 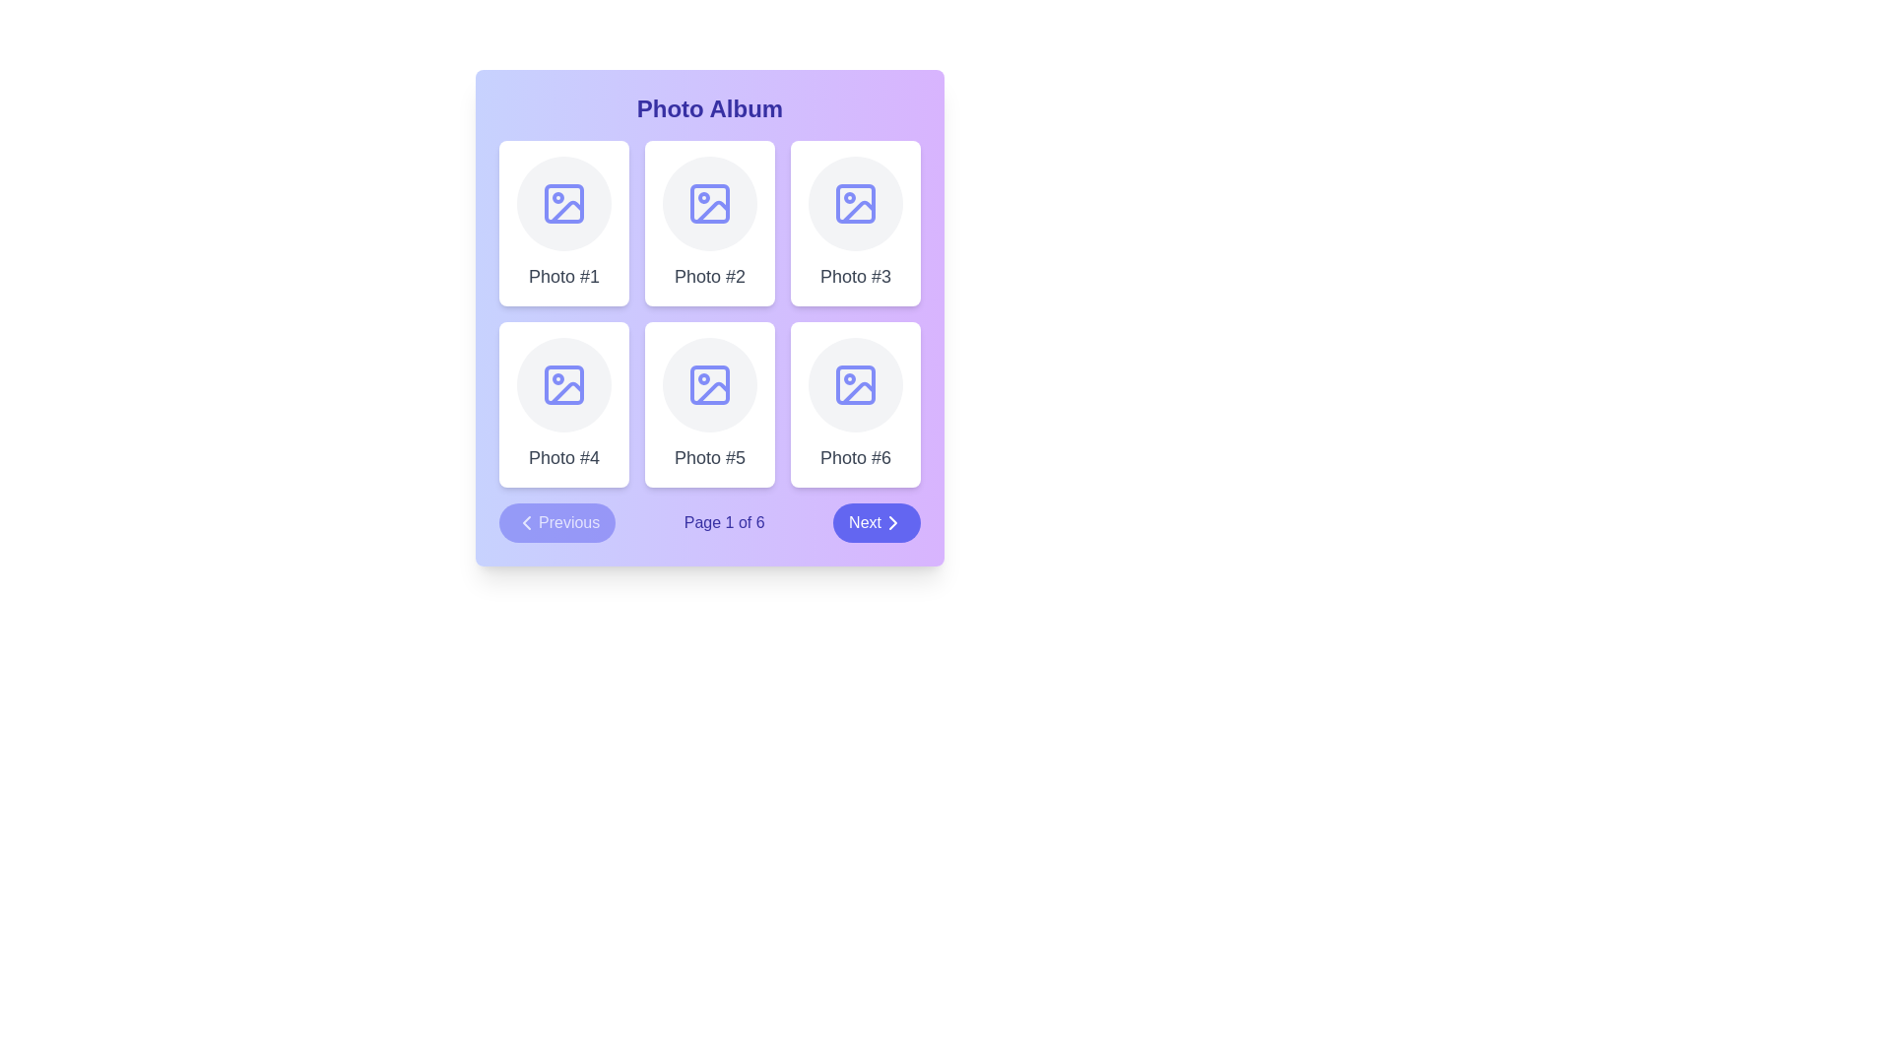 I want to click on the mountain landscape line icon located inside the fourth photo placeholder icon in the grid layout of the photo album interface, so click(x=566, y=392).